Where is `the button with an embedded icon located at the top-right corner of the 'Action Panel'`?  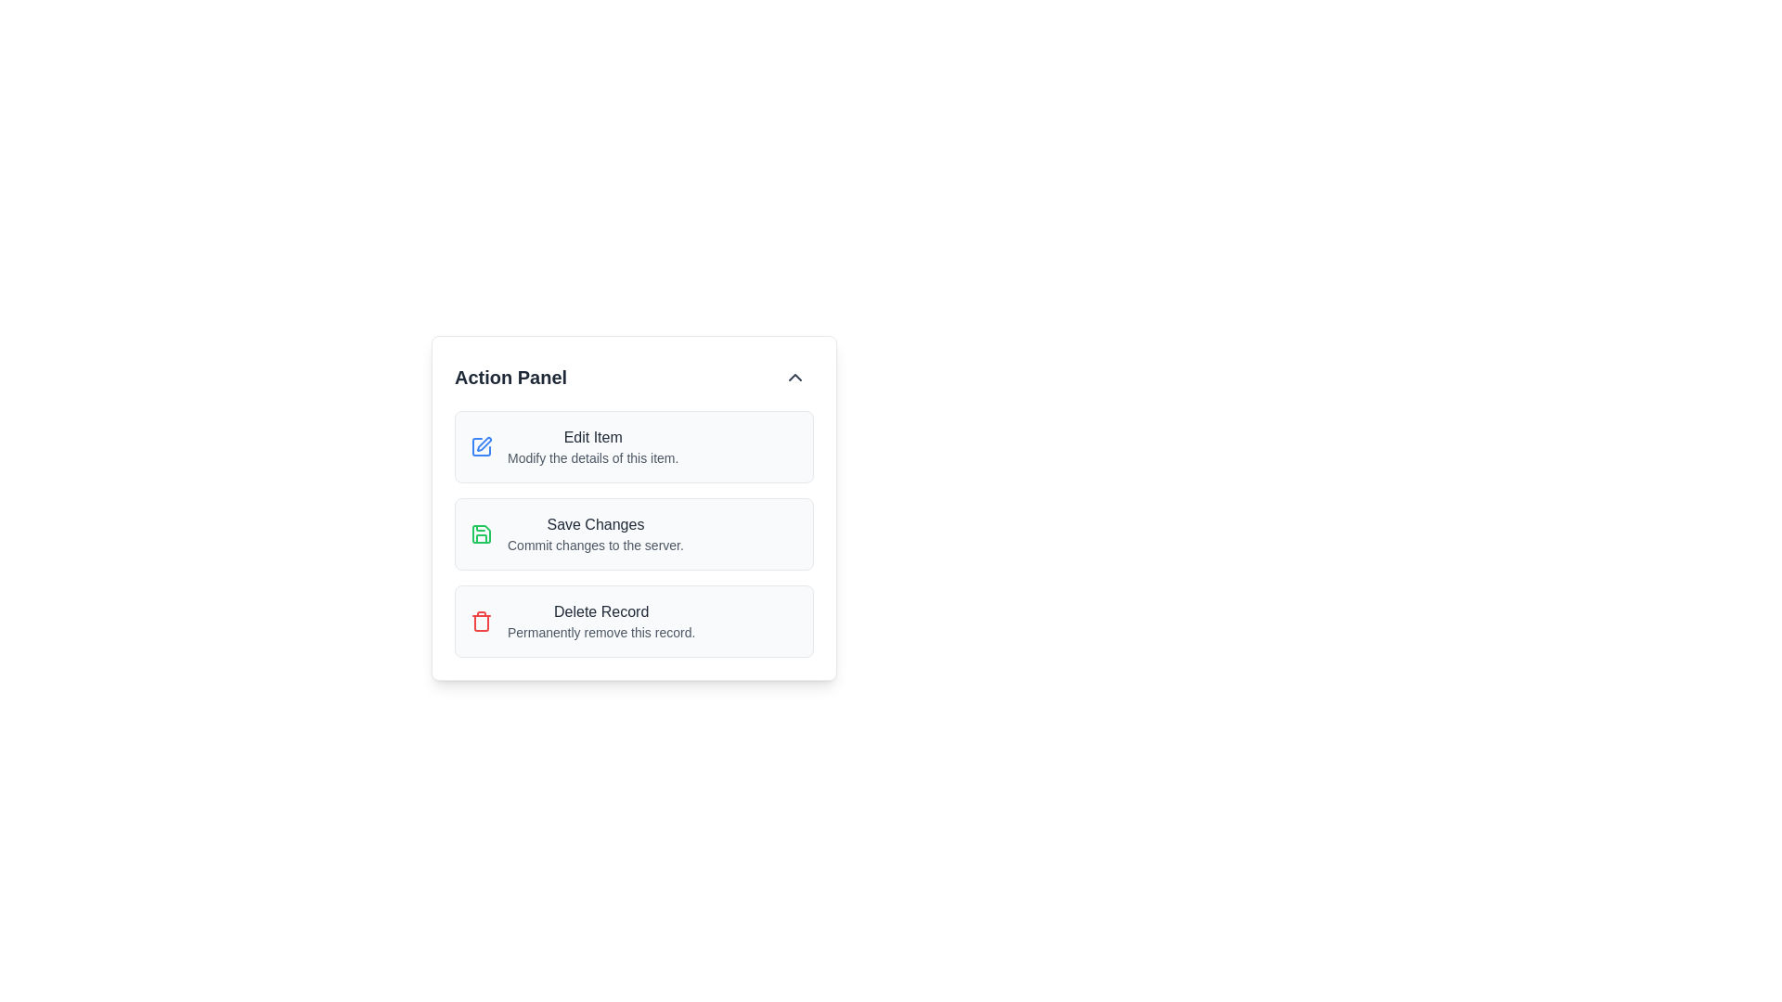 the button with an embedded icon located at the top-right corner of the 'Action Panel' is located at coordinates (795, 377).